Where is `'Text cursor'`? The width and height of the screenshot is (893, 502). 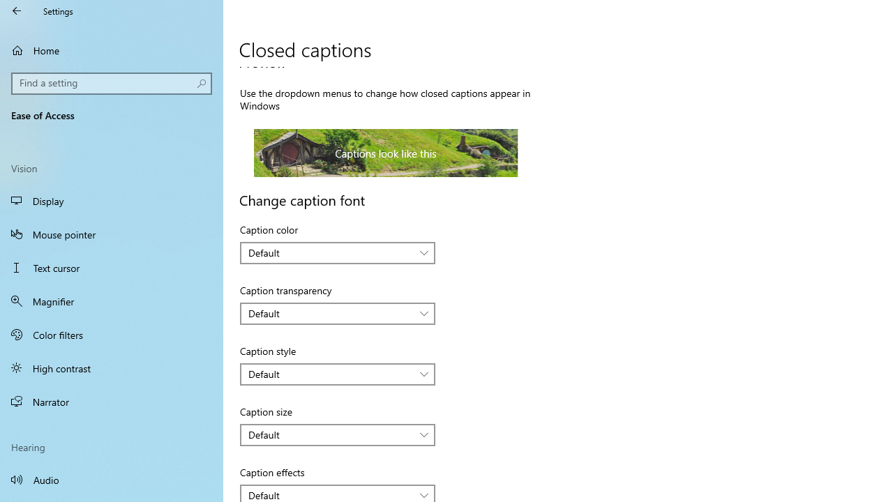 'Text cursor' is located at coordinates (112, 268).